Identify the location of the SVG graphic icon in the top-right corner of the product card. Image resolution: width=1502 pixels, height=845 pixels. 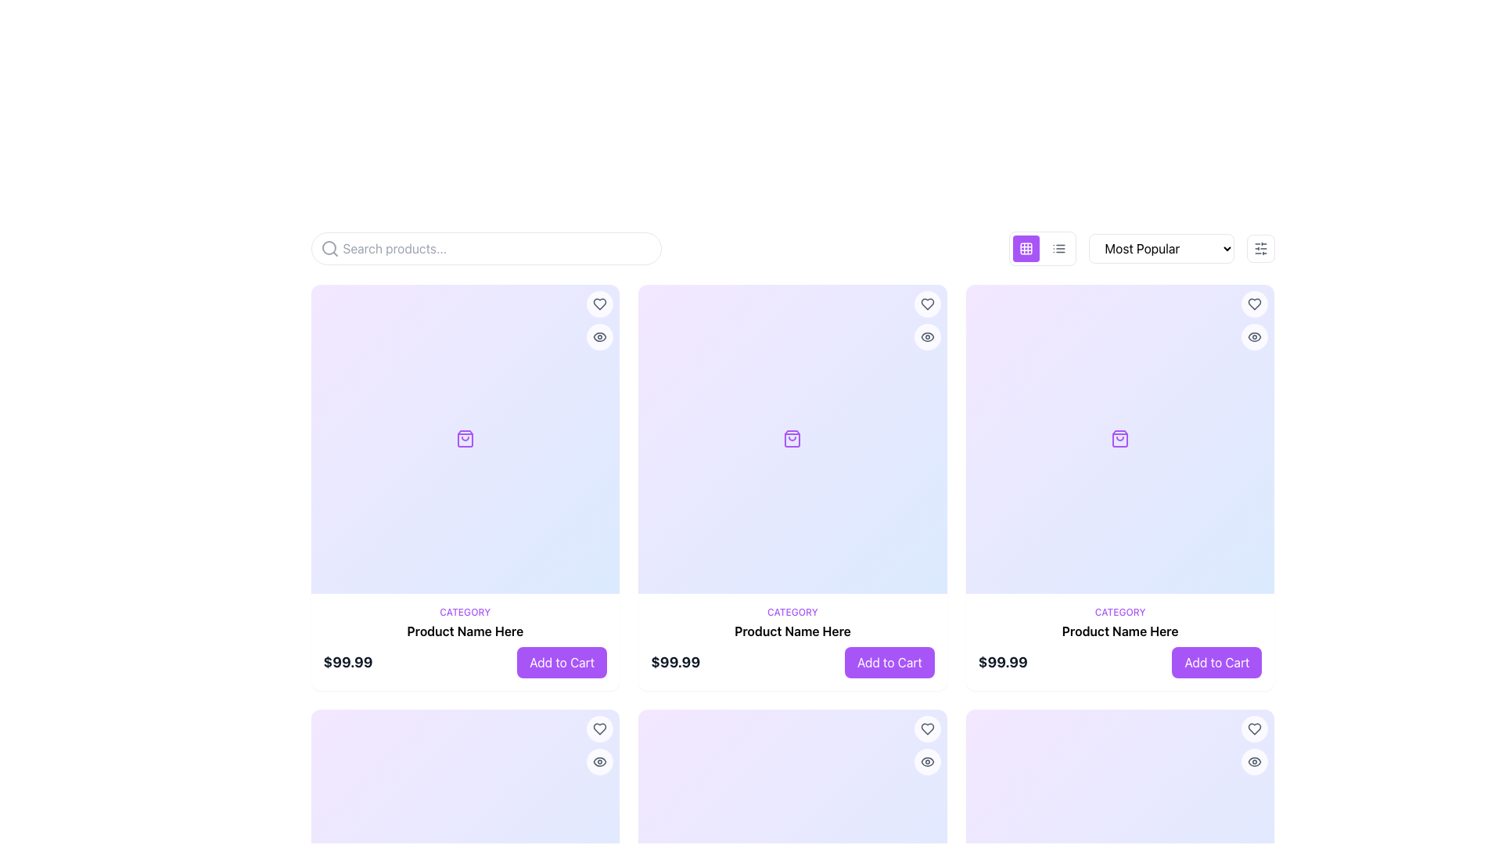
(599, 336).